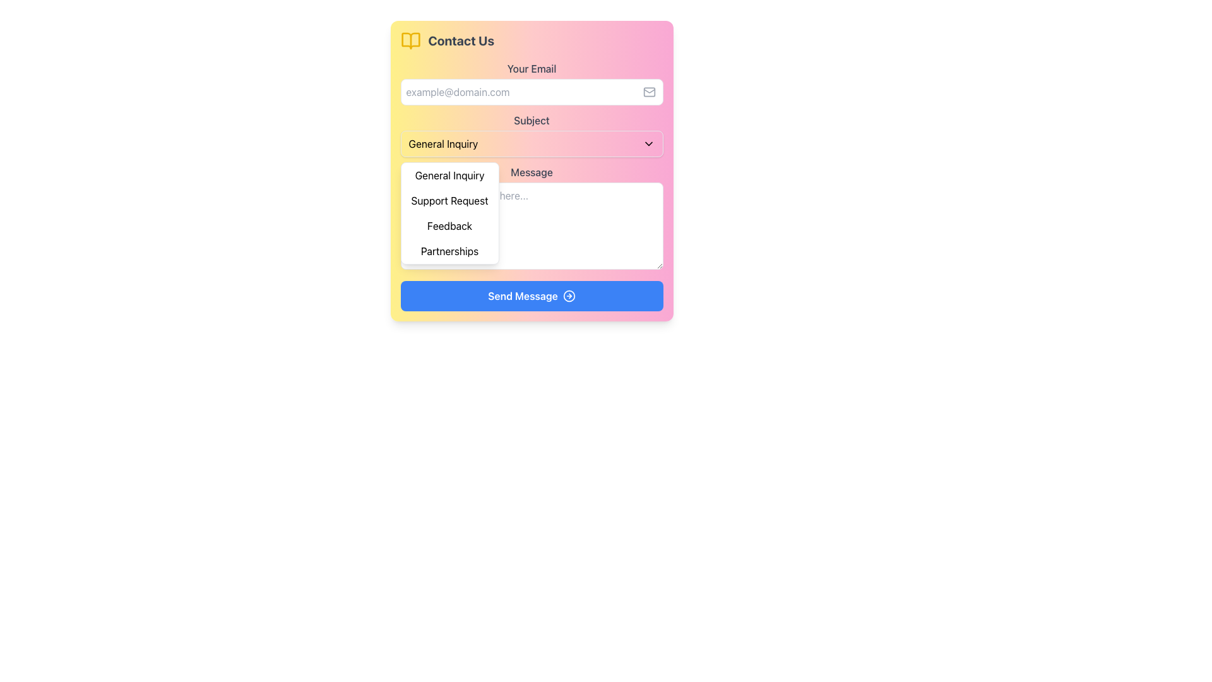  What do you see at coordinates (449, 200) in the screenshot?
I see `the 'Support Request' dropdown menu item, which is the second option in the dropdown located below the 'Subject' field in the contact form` at bounding box center [449, 200].